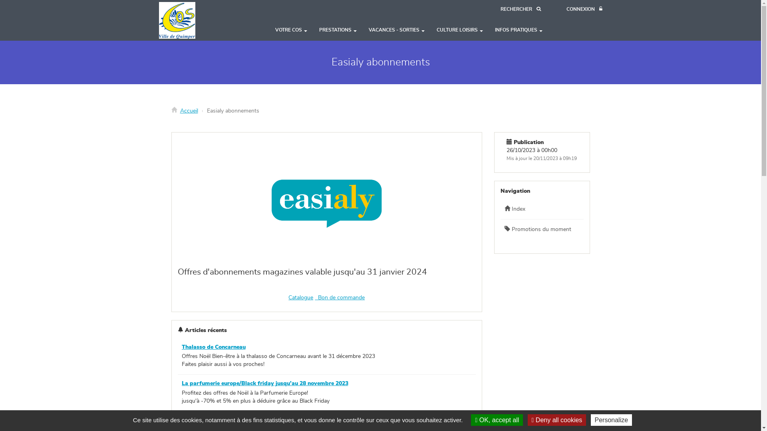  I want to click on 'VACANCES - SORTIES', so click(397, 29).